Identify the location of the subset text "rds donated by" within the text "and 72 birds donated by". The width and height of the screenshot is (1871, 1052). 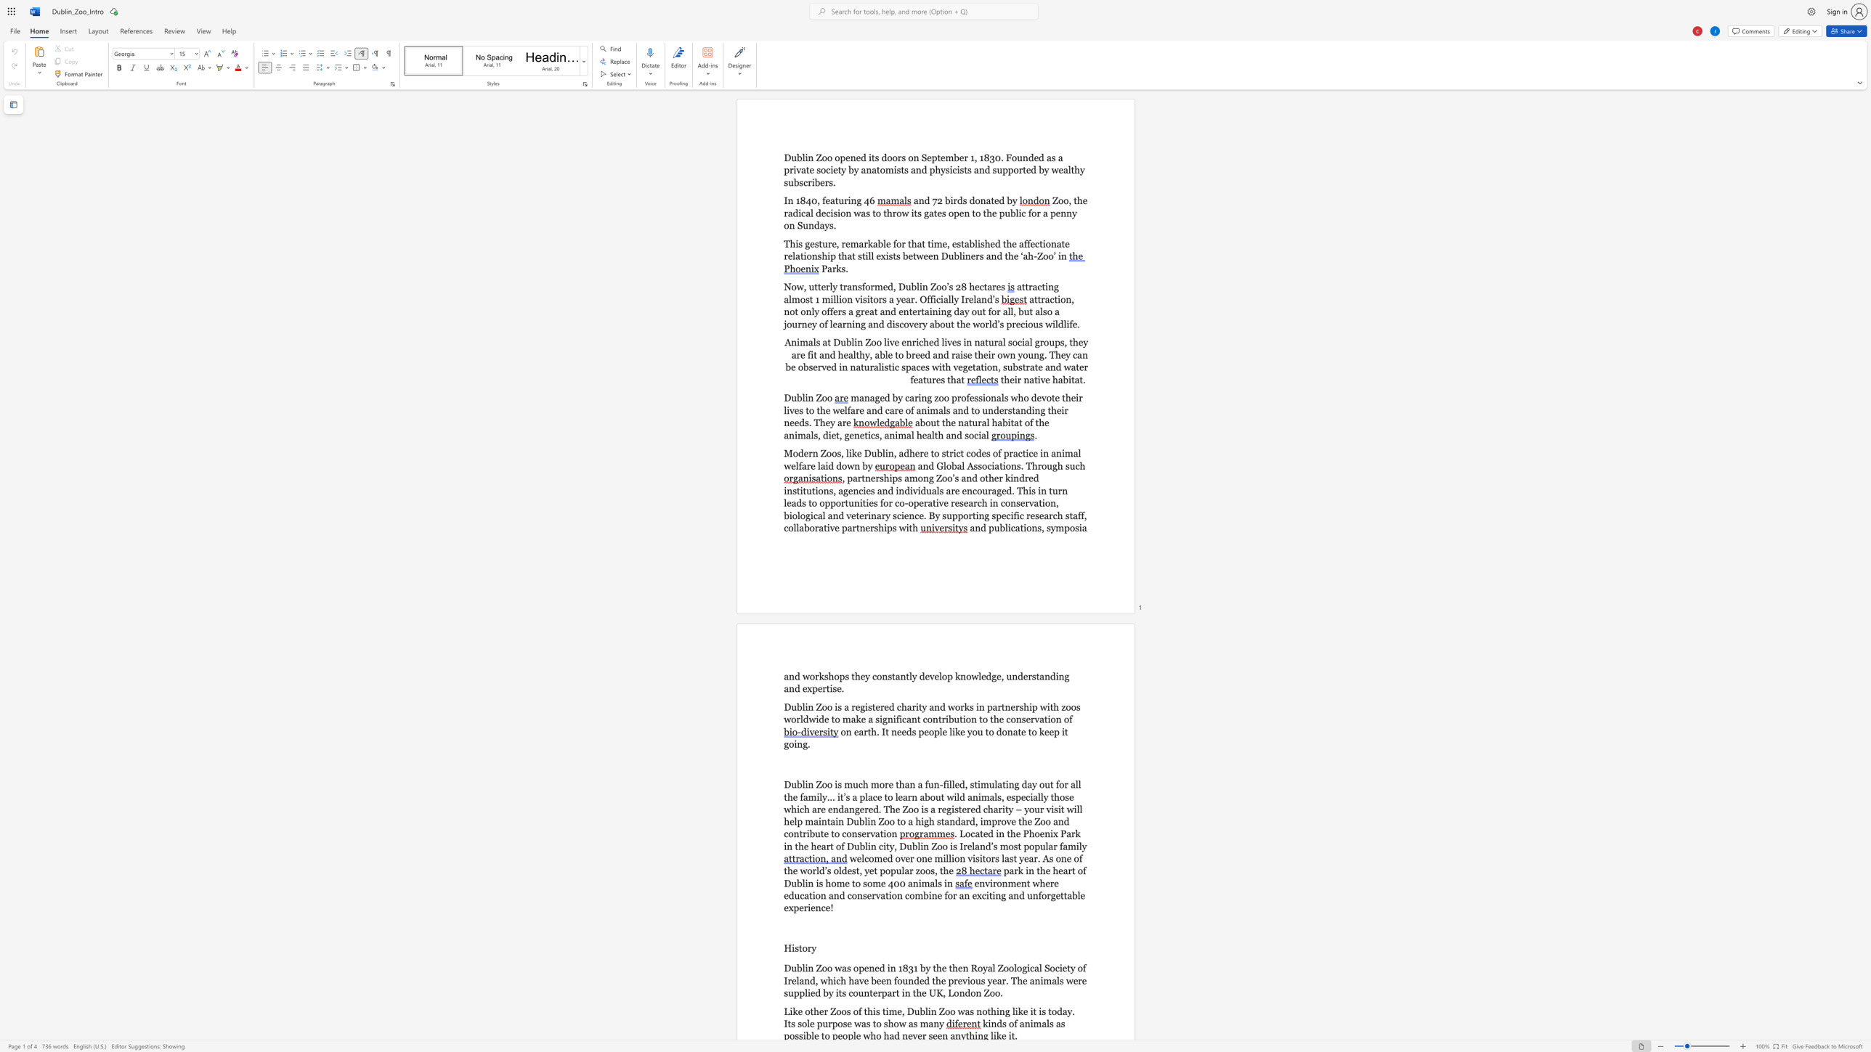
(953, 200).